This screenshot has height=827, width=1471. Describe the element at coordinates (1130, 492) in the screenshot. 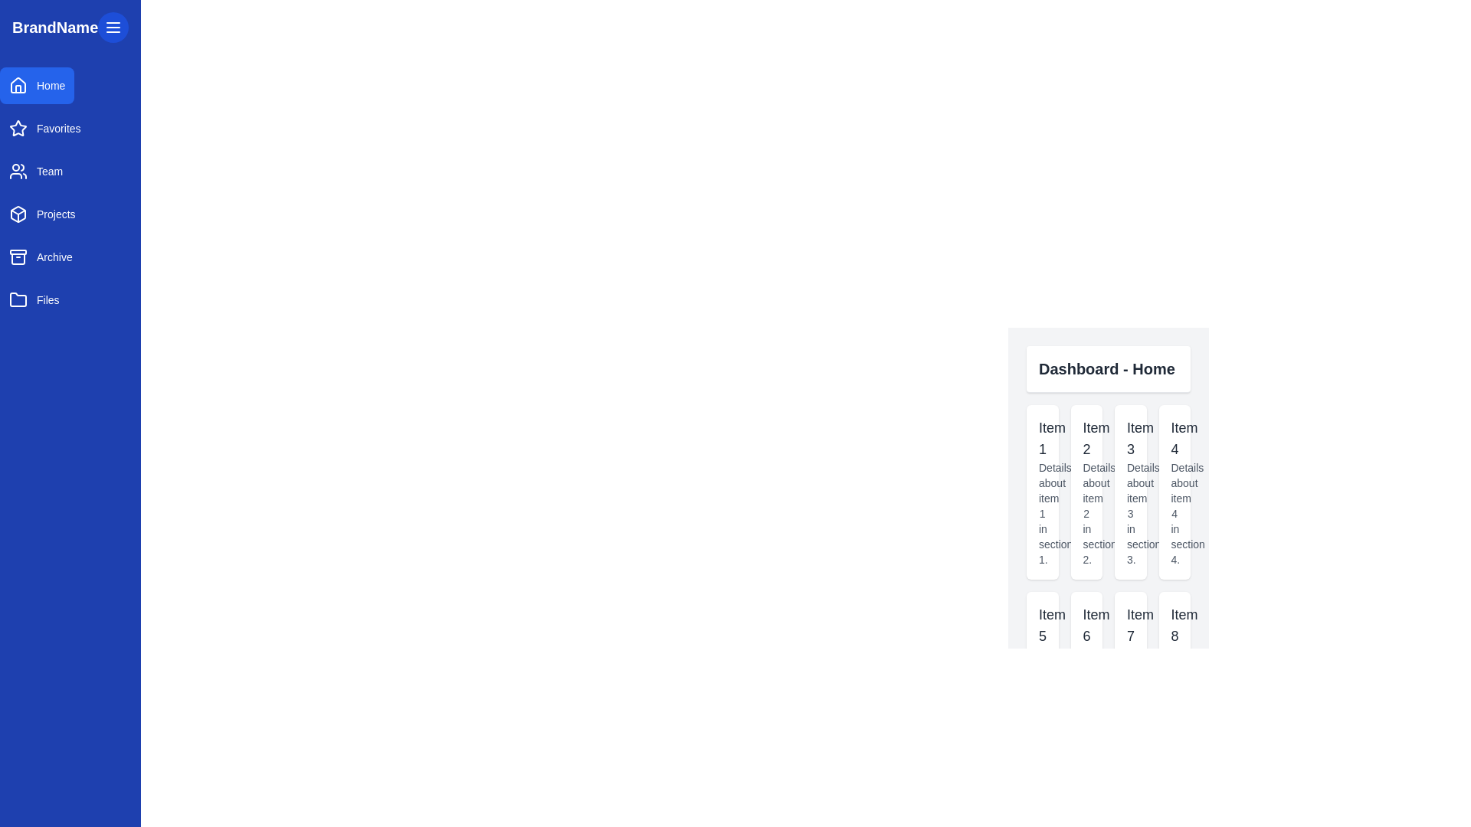

I see `descriptive text displayed on the informational card or grid tile for 'Item 3', which is located in the top row and third column of the grid layout` at that location.